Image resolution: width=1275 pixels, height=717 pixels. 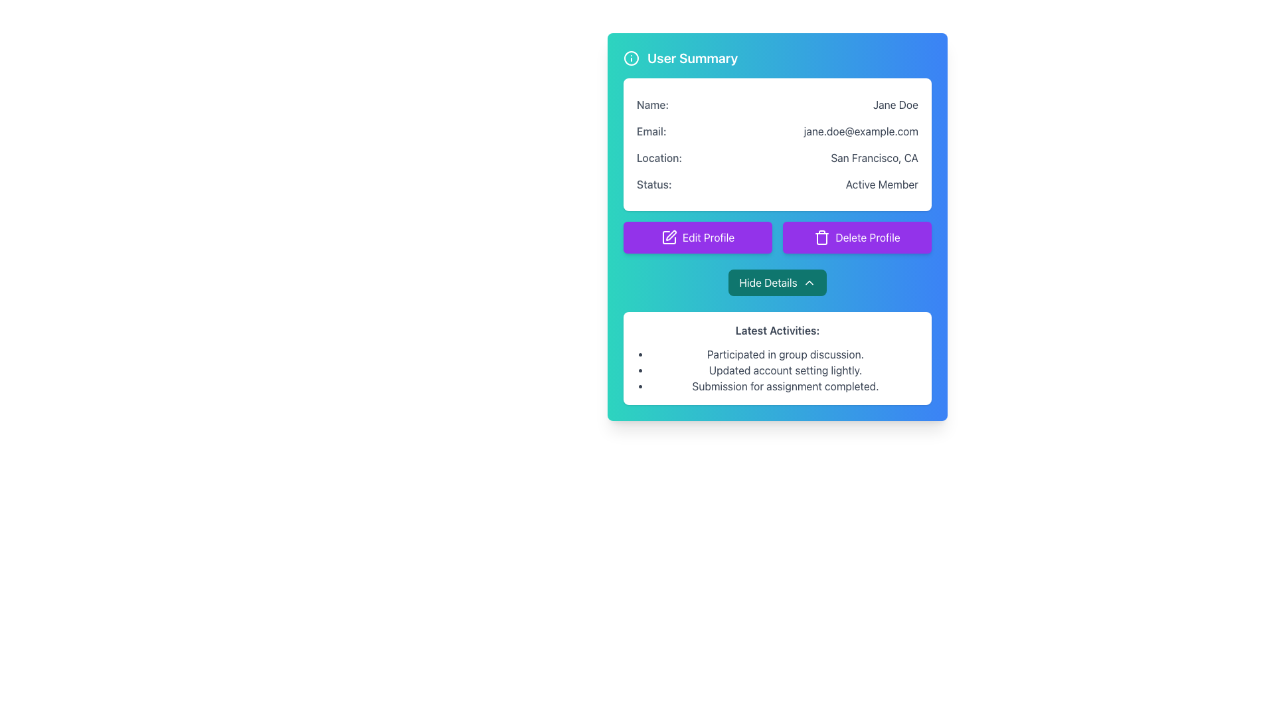 What do you see at coordinates (875, 157) in the screenshot?
I see `the static text displaying the user's location information, which shows 'San Francisco, CA' after the label 'Location:' in the user profile card` at bounding box center [875, 157].